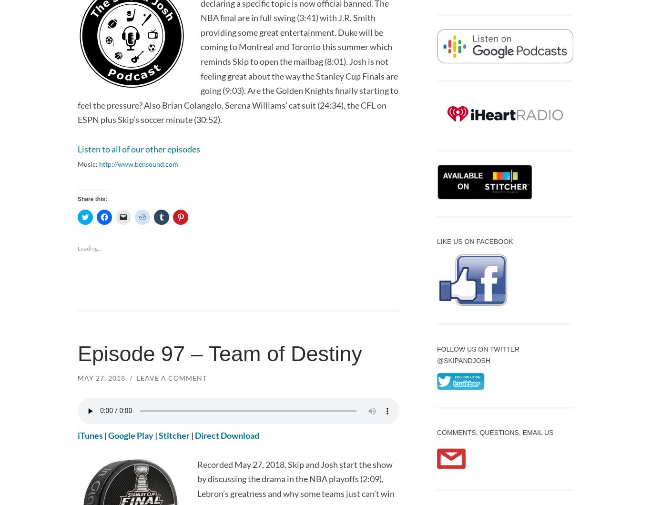  Describe the element at coordinates (101, 377) in the screenshot. I see `'May 27, 2018'` at that location.